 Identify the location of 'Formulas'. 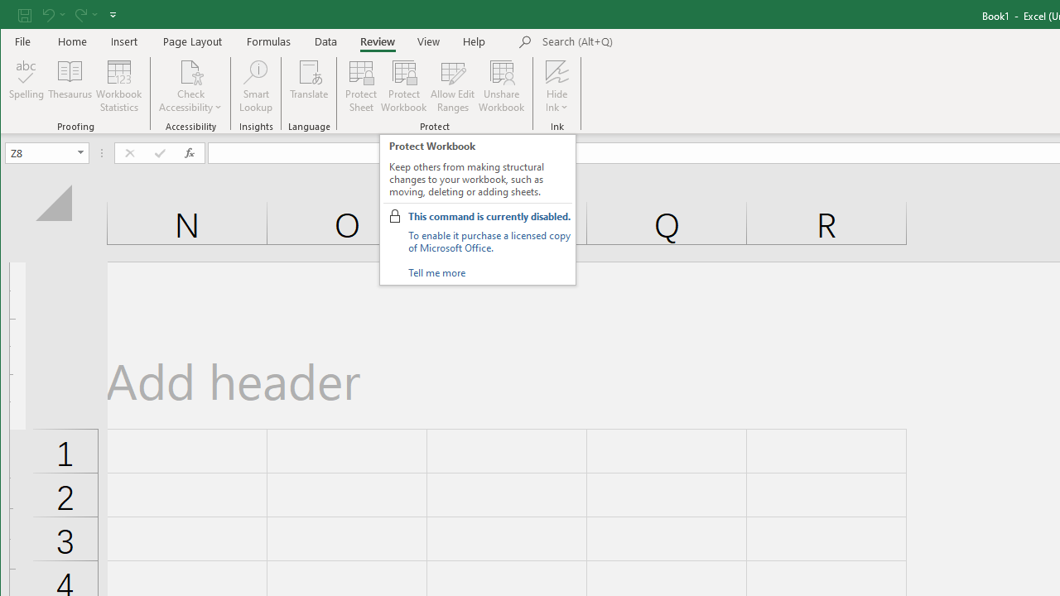
(269, 41).